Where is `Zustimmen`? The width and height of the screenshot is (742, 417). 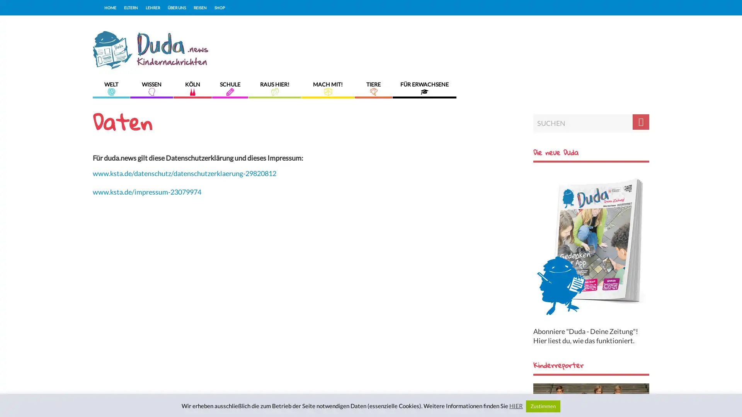
Zustimmen is located at coordinates (543, 406).